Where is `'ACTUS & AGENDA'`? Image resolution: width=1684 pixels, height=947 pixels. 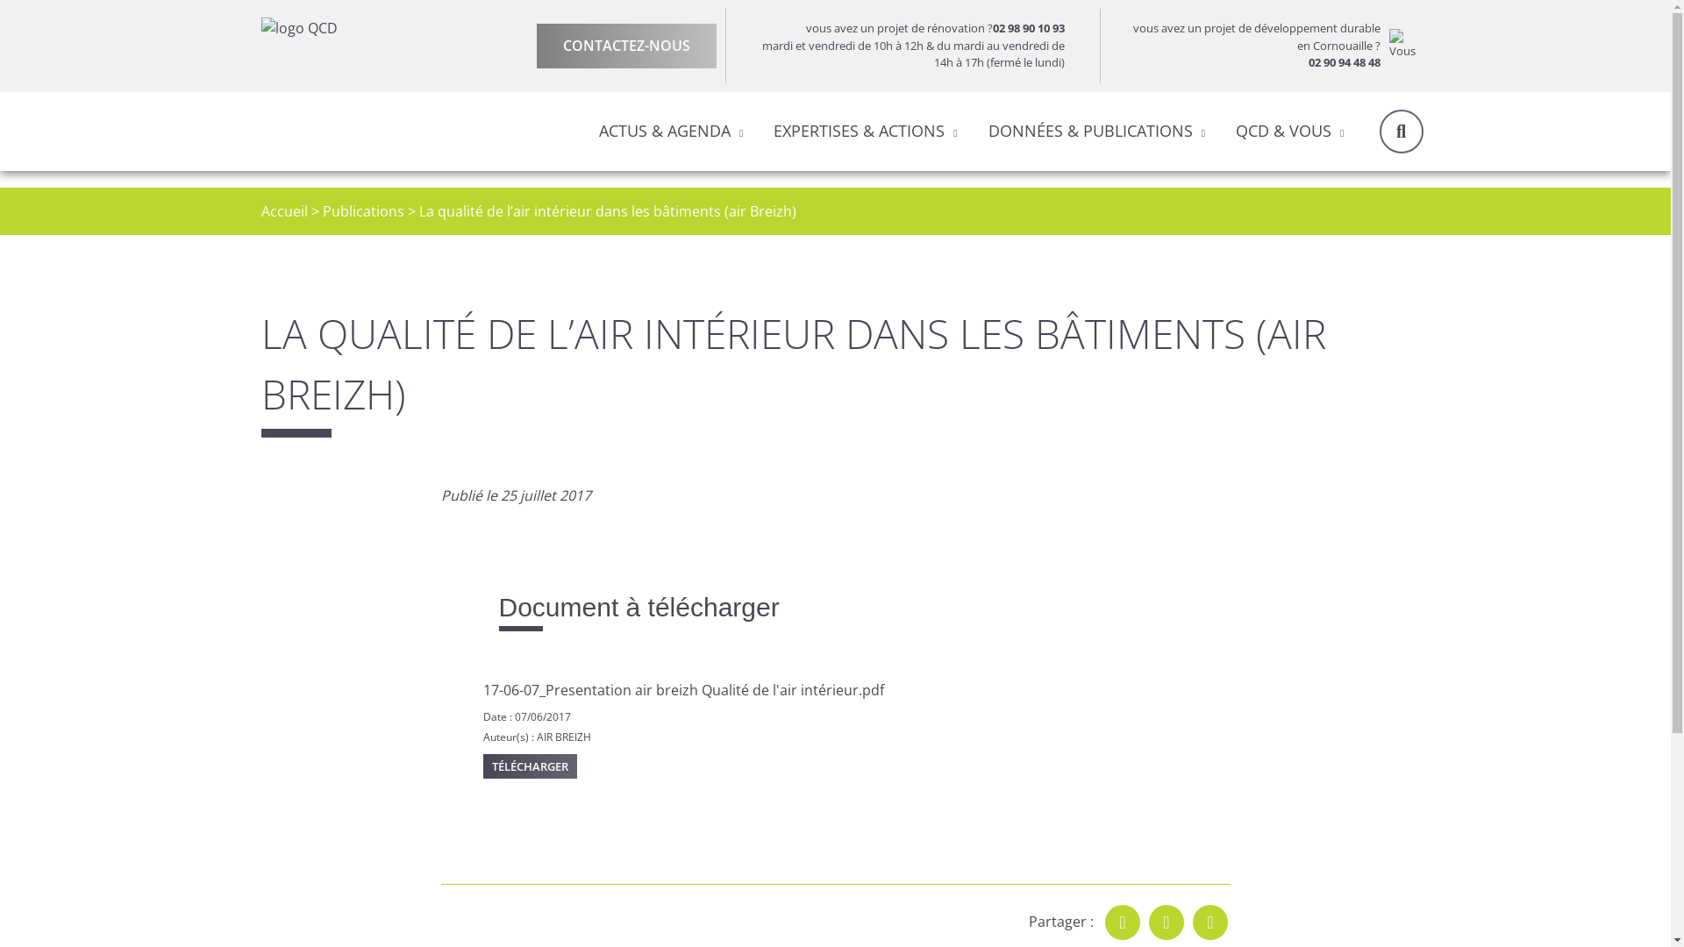
'ACTUS & AGENDA' is located at coordinates (664, 130).